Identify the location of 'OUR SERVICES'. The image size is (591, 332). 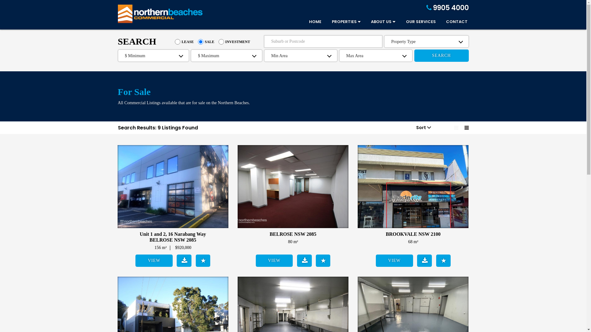
(396, 22).